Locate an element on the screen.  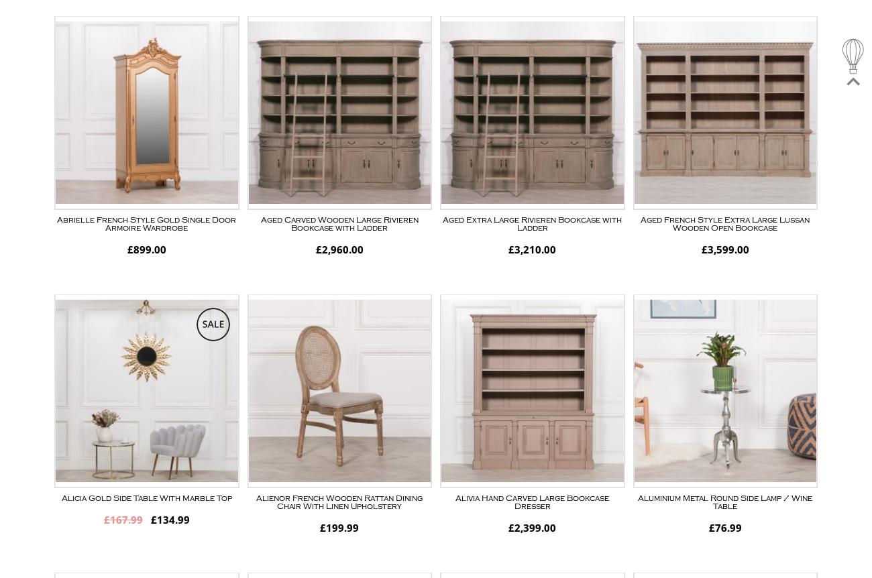
'Aged Extra Large Rivieren Bookcase with Ladder' is located at coordinates (531, 223).